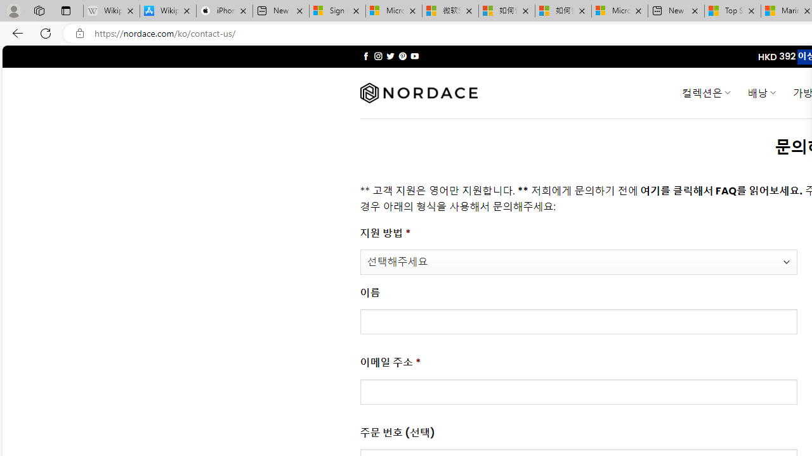 Image resolution: width=812 pixels, height=456 pixels. I want to click on 'Follow on Instagram', so click(377, 56).